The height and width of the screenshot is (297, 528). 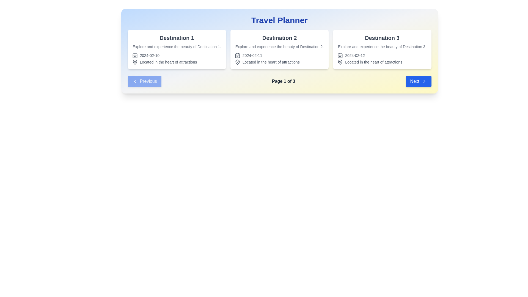 What do you see at coordinates (279, 81) in the screenshot?
I see `text label indicating the current page number located at the bottom of the main content panel, horizontally centered between the 'Previous' and 'Next' buttons` at bounding box center [279, 81].